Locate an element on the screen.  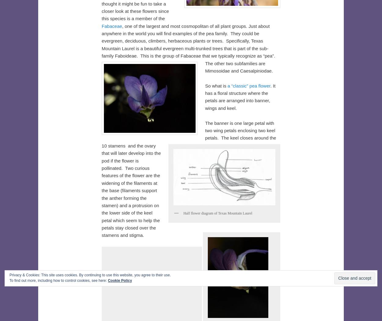
'Cookie Policy' is located at coordinates (120, 280).